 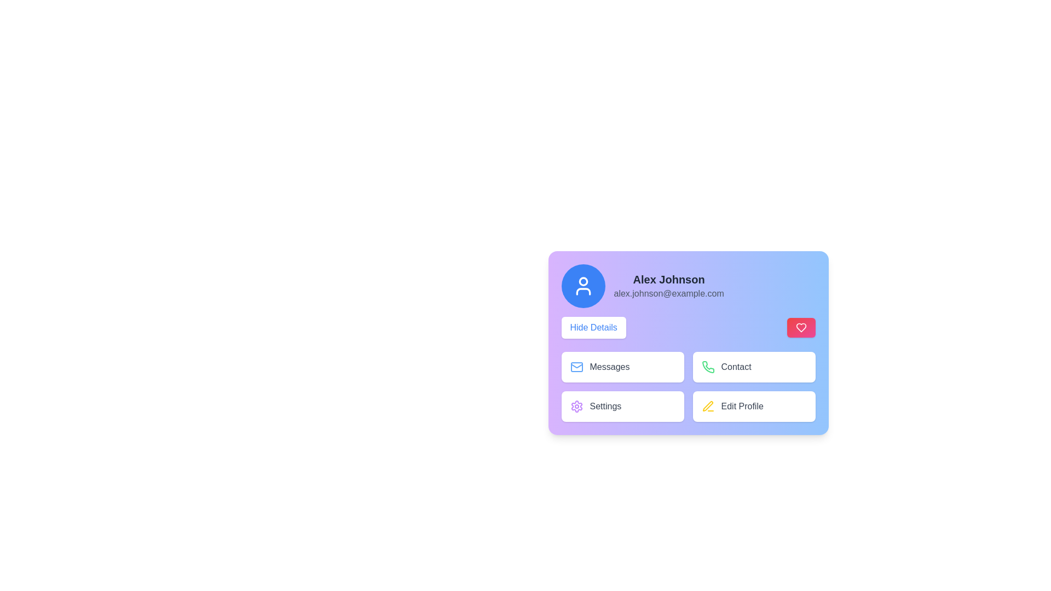 I want to click on the name 'Alex Johnson' displayed prominently in bold font on the Information display panel, so click(x=688, y=286).